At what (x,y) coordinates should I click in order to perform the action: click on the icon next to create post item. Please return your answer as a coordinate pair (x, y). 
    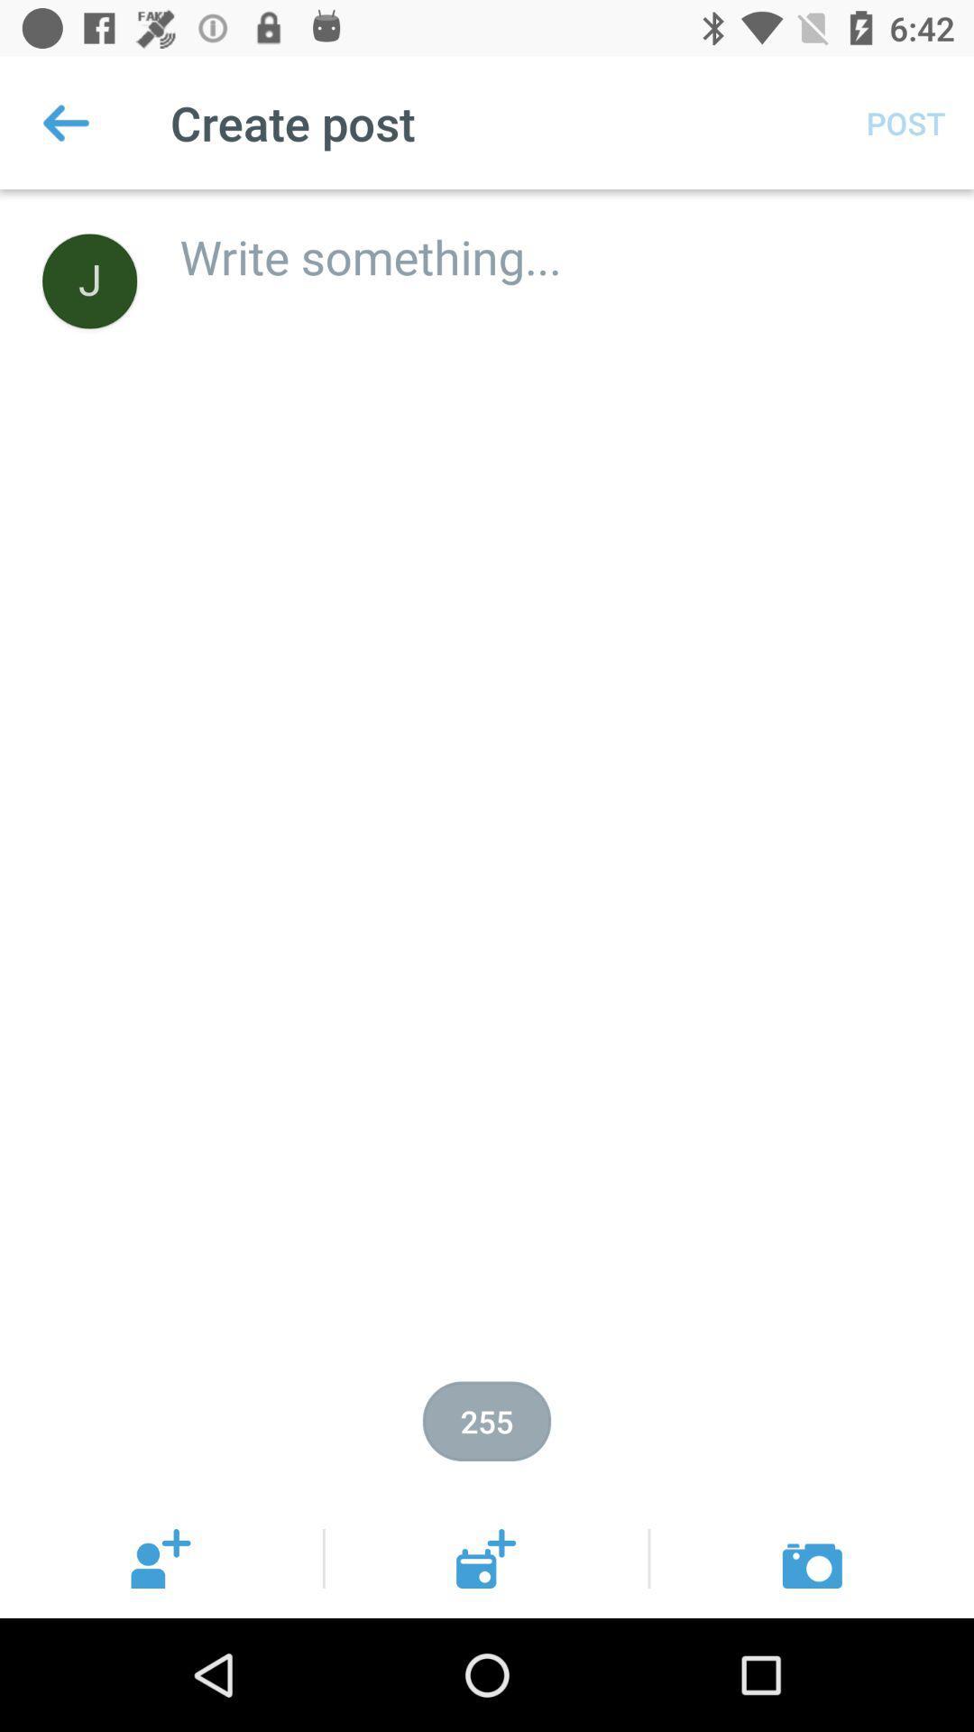
    Looking at the image, I should click on (65, 122).